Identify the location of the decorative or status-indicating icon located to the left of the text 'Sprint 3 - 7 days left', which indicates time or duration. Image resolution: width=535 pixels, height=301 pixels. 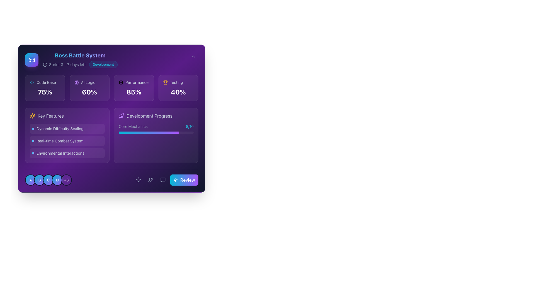
(45, 64).